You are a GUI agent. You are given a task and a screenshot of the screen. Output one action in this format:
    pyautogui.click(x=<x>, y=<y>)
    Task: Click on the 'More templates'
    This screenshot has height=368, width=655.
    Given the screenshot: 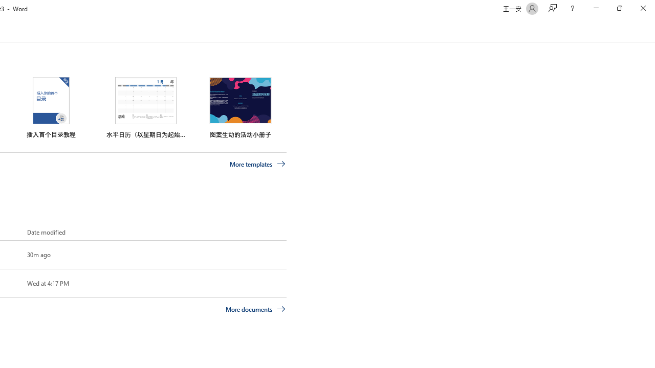 What is the action you would take?
    pyautogui.click(x=257, y=164)
    